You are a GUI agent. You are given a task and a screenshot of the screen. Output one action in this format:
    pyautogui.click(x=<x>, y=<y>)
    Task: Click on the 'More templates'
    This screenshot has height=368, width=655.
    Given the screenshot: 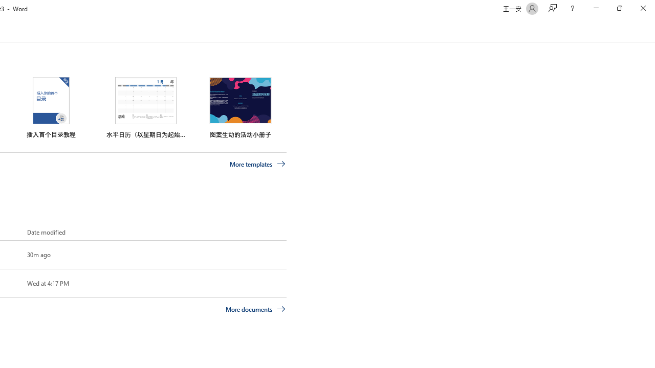 What is the action you would take?
    pyautogui.click(x=257, y=164)
    